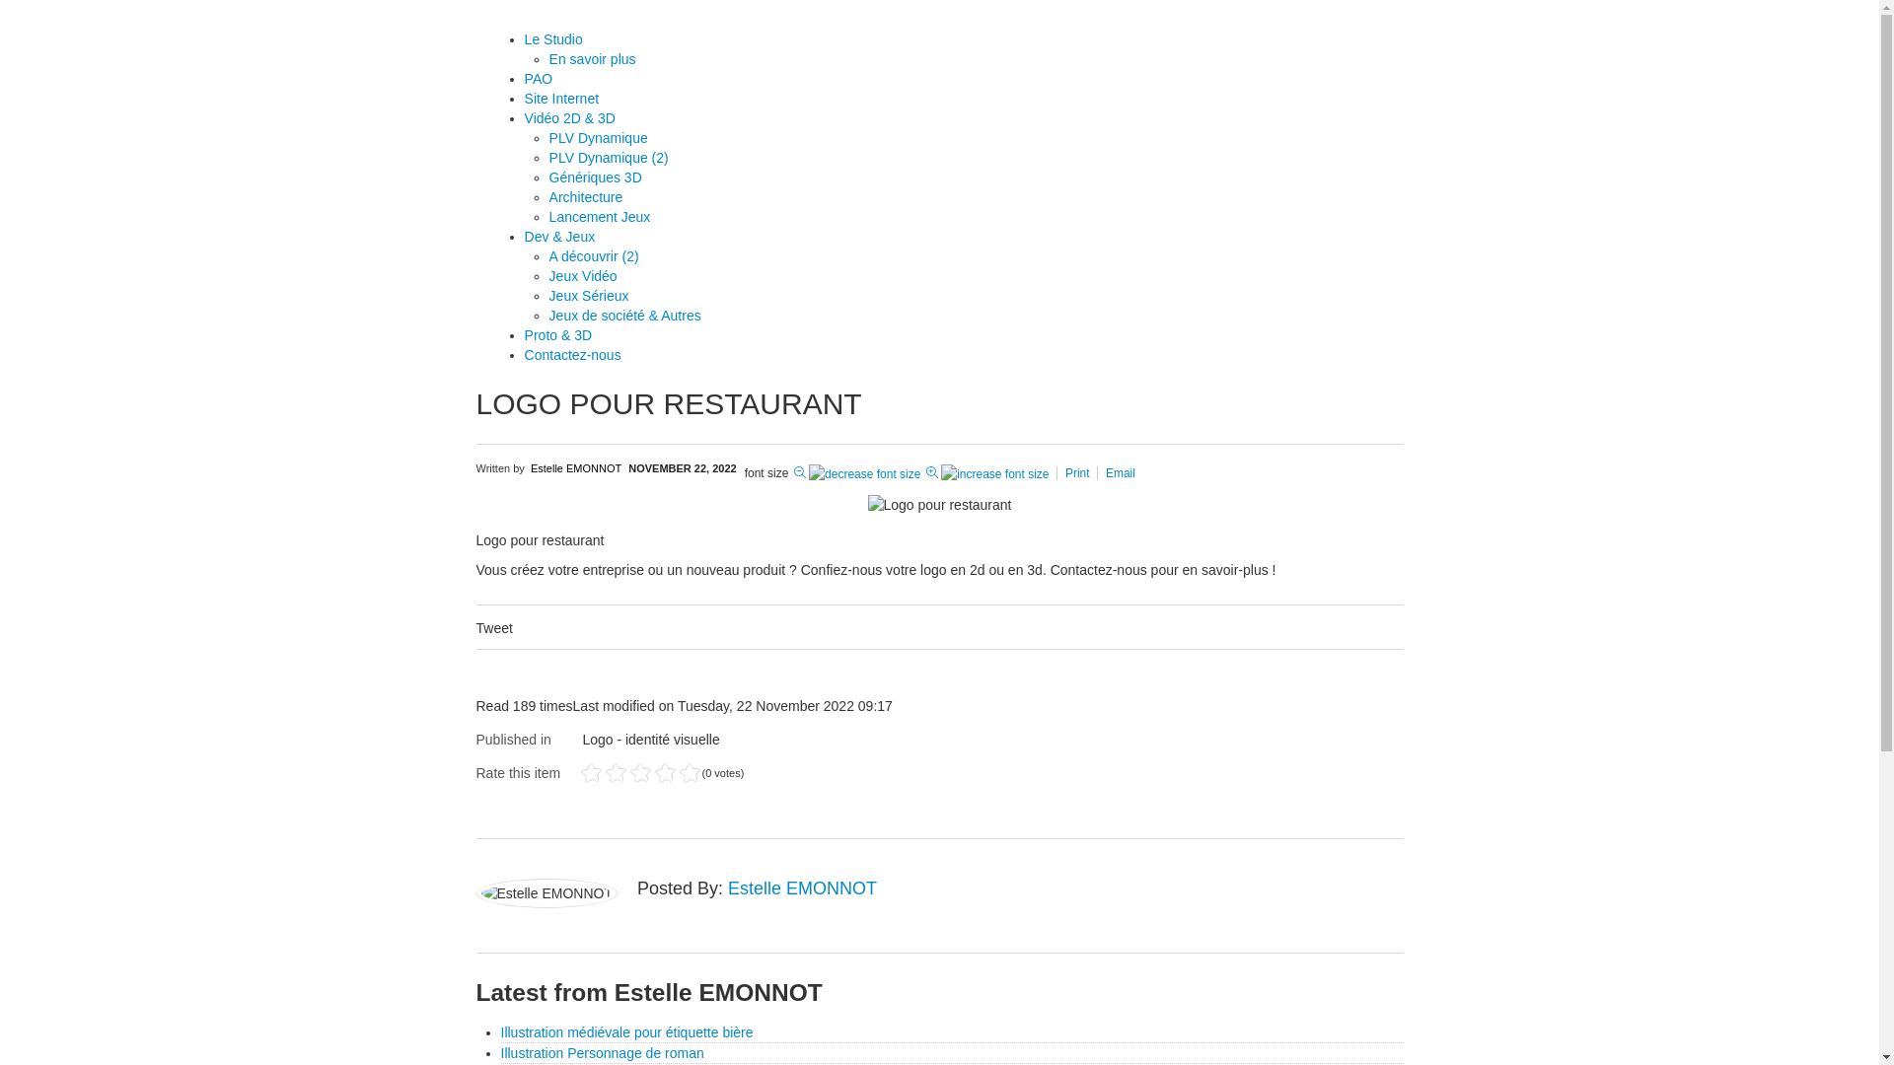 The image size is (1894, 1065). Describe the element at coordinates (585, 197) in the screenshot. I see `'Architecture'` at that location.